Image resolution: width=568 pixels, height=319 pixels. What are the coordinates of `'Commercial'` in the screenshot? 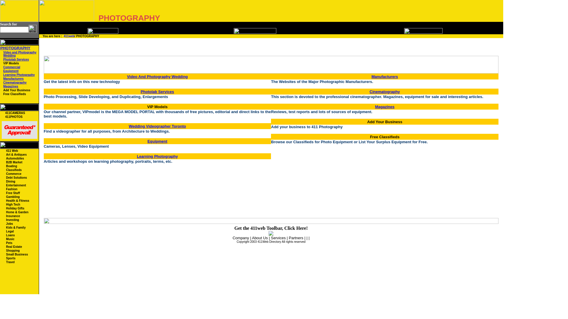 It's located at (3, 67).